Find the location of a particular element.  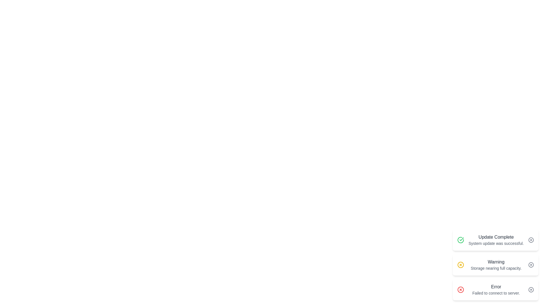

the second notification box which contains a yellow circular icon with an exclamation mark, title 'Warning', and subtitle 'Storage nearing full capacity' is located at coordinates (495, 265).